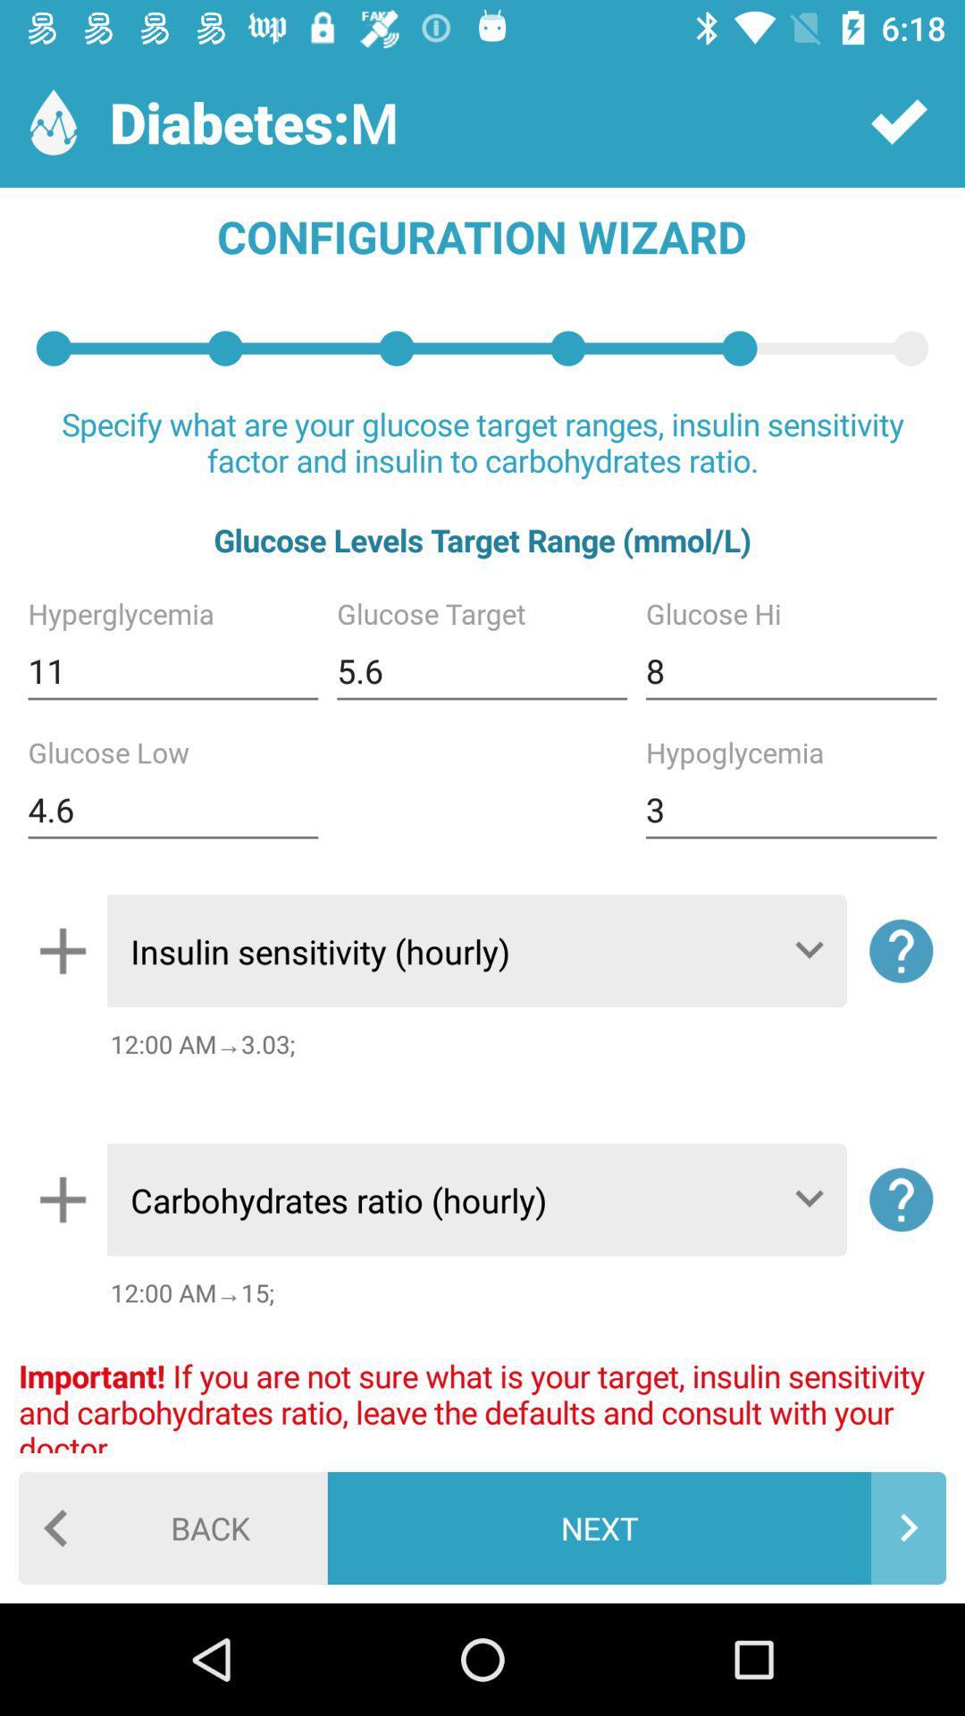 The image size is (965, 1716). What do you see at coordinates (635, 1527) in the screenshot?
I see `the next icon` at bounding box center [635, 1527].